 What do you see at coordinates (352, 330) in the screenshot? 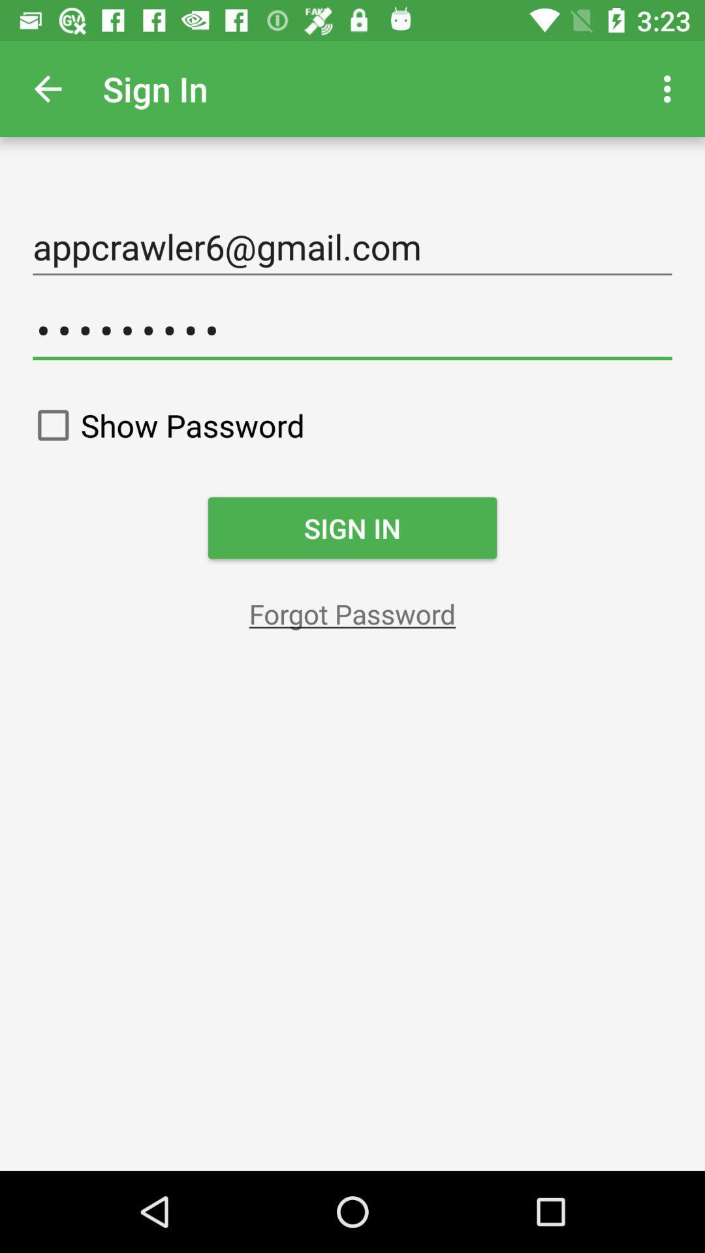
I see `the crowd3116` at bounding box center [352, 330].